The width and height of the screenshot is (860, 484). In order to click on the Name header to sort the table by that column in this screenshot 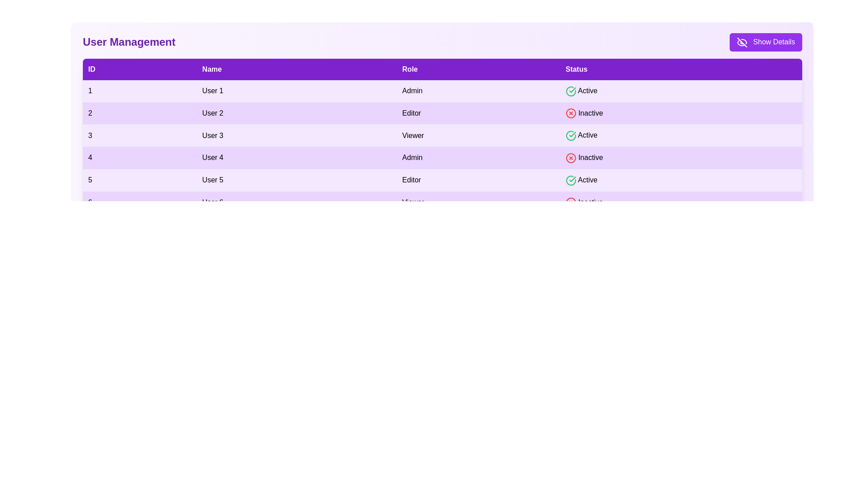, I will do `click(297, 69)`.